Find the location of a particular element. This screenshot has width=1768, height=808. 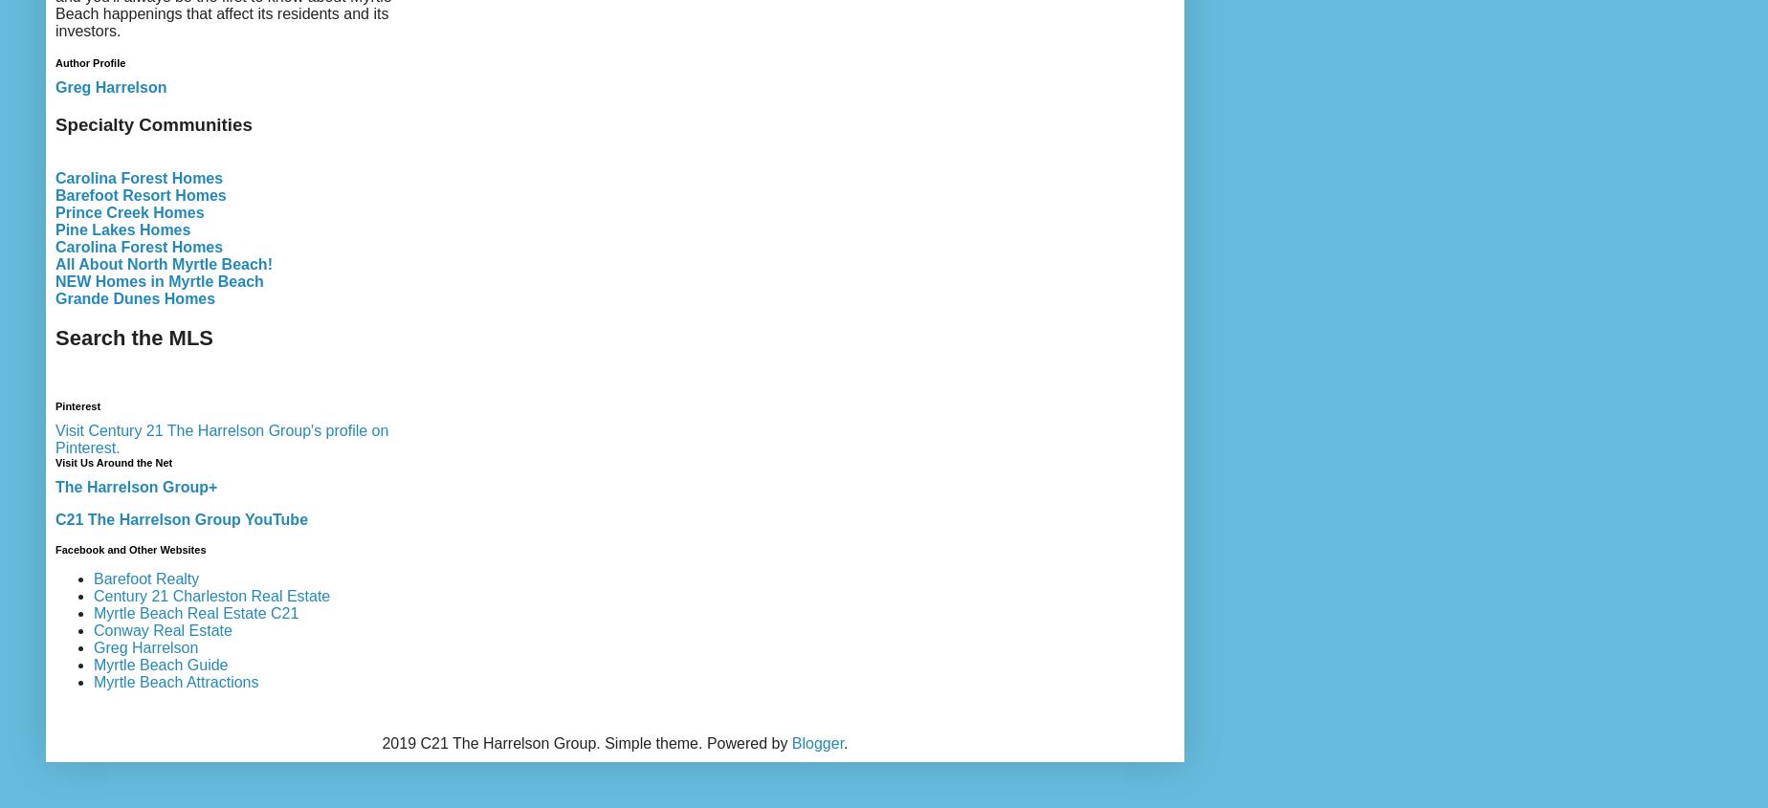

'Visit Century 21 The Harrelson Group's profile on Pinterest.' is located at coordinates (55, 438).